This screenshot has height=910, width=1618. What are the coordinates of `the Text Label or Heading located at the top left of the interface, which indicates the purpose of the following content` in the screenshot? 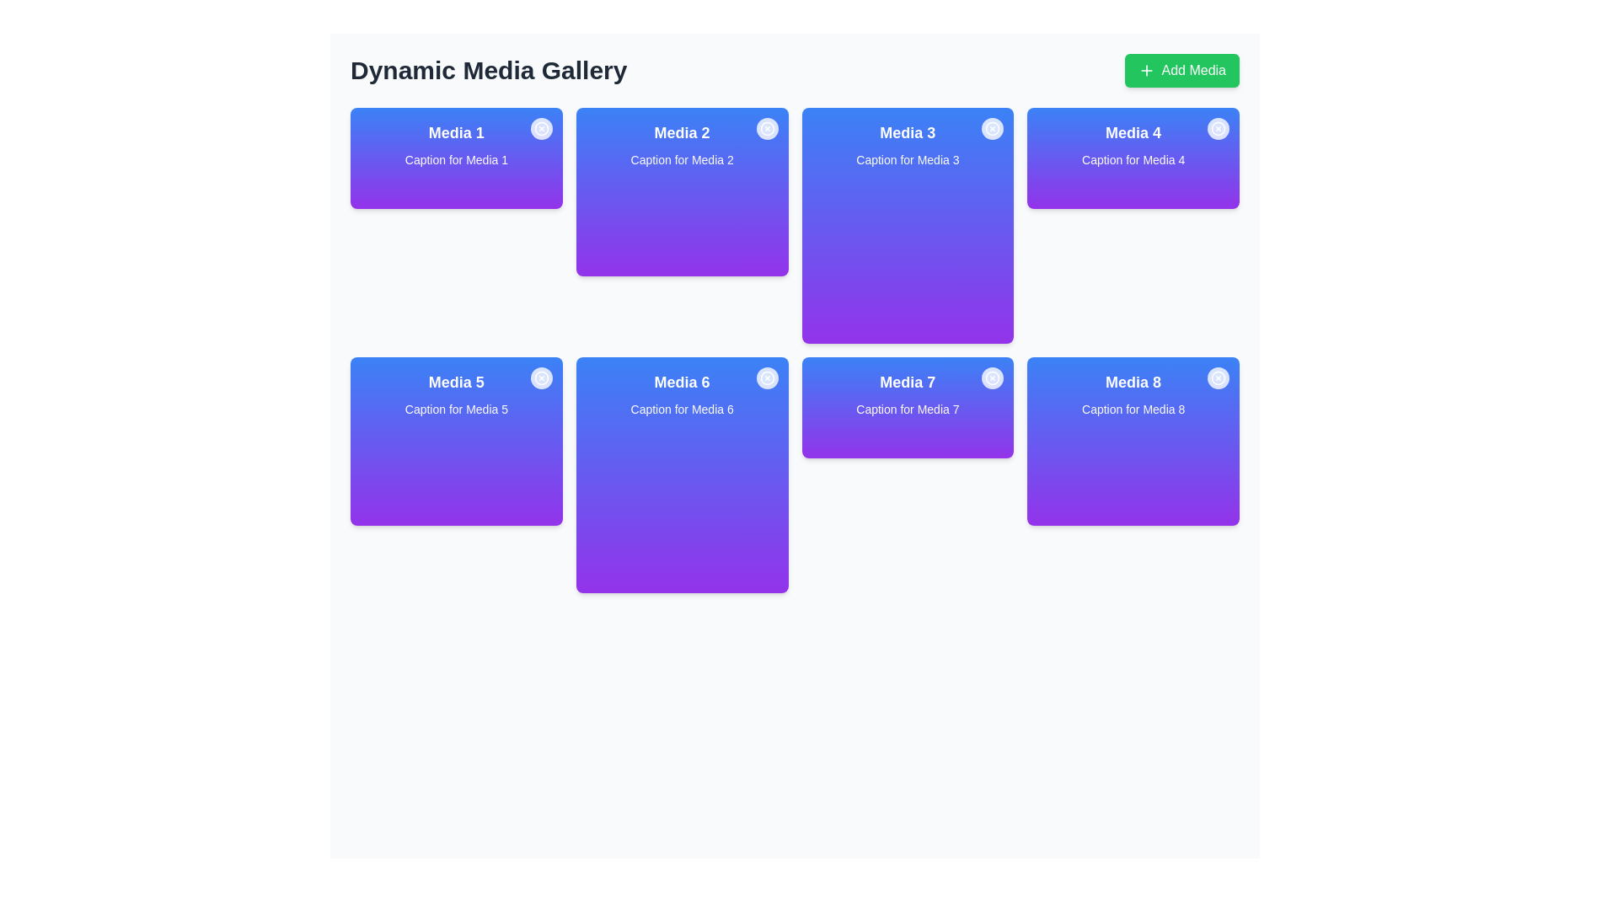 It's located at (488, 70).